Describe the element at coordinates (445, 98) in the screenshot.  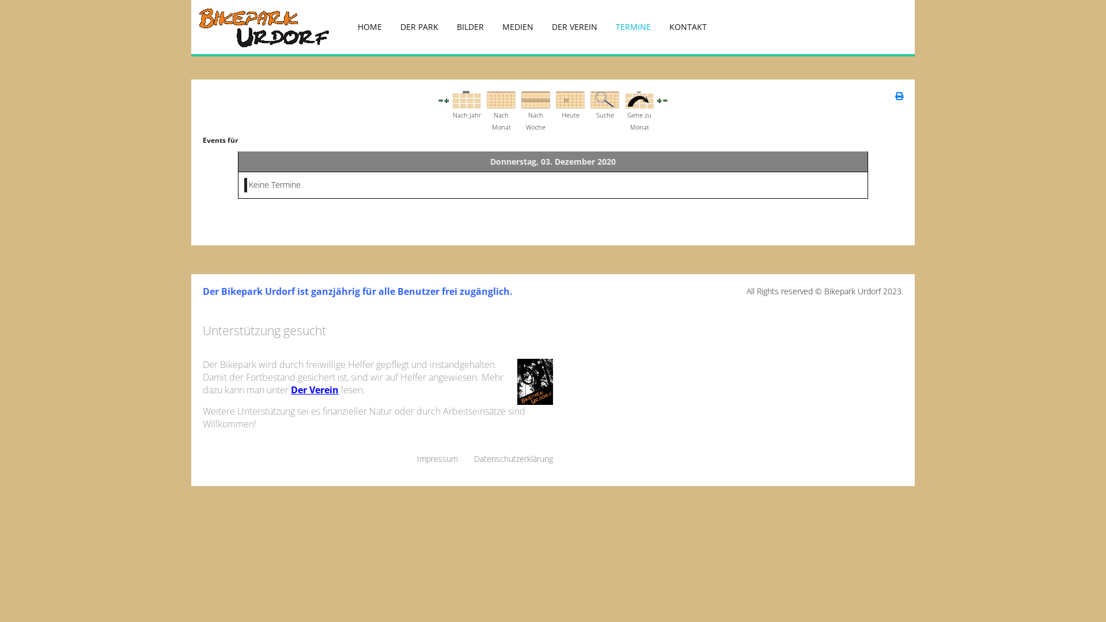
I see `'Vorheriger Tag'` at that location.